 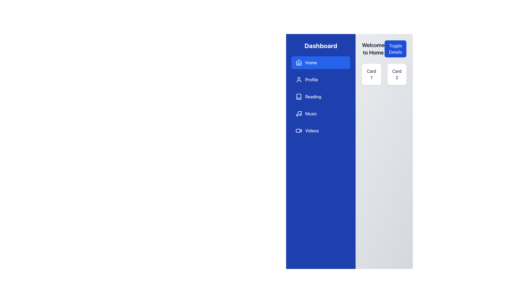 I want to click on the vertical line of the music icon in the left panel menu, which is black and positioned between the 'Reading' and 'Videos' items, so click(x=300, y=113).